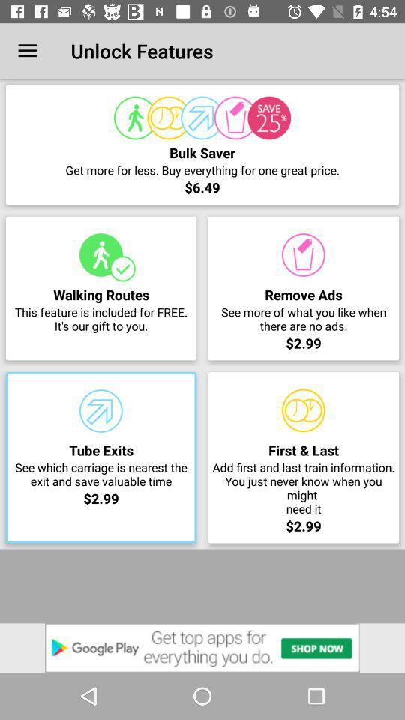  What do you see at coordinates (27, 51) in the screenshot?
I see `icon next to the unlock features item` at bounding box center [27, 51].